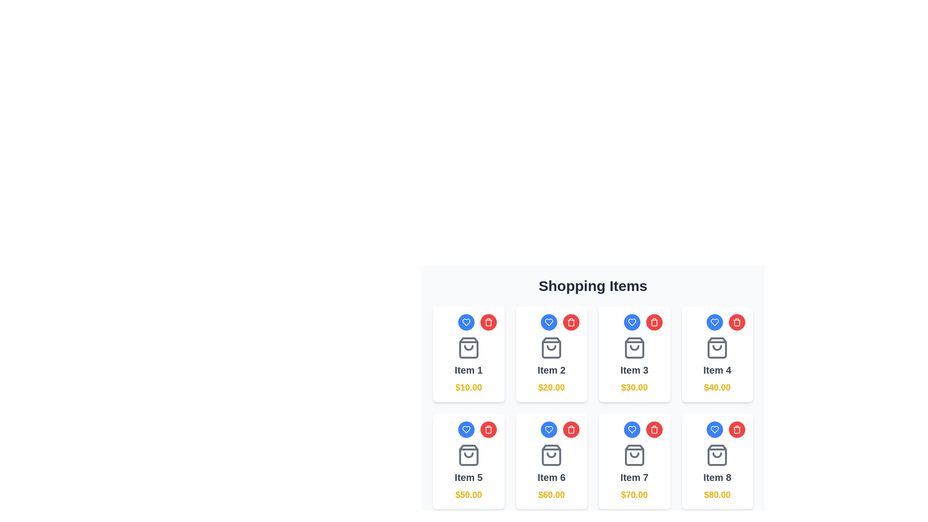 Image resolution: width=928 pixels, height=522 pixels. I want to click on the text label that serves as the title for the product 'Item 7', which is centrally placed within its card in the second row, second column of the grid layout, so click(634, 477).